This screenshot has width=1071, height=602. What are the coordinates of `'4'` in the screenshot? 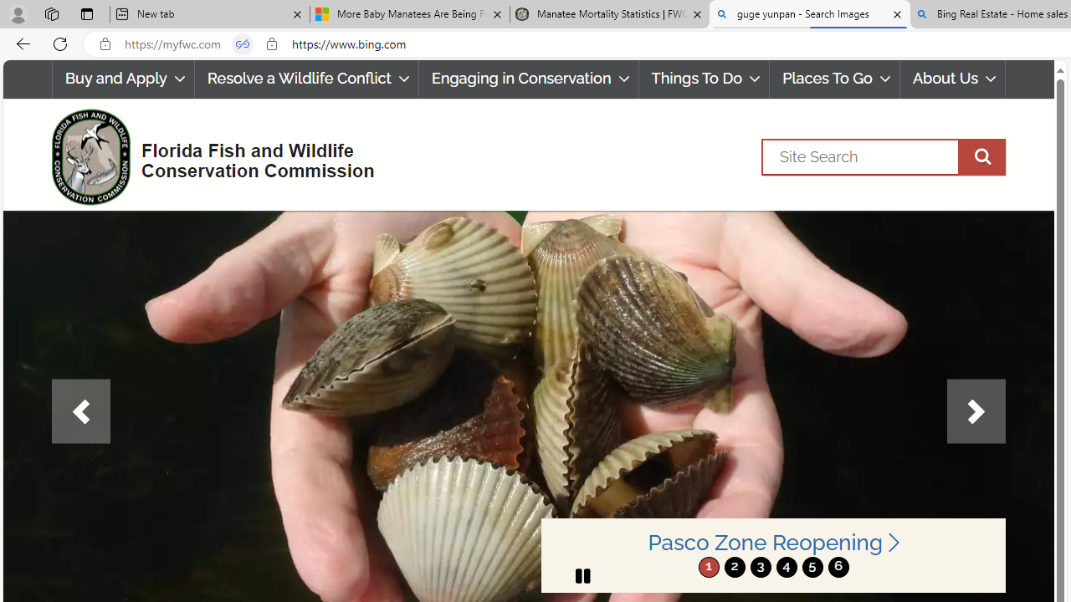 It's located at (786, 566).